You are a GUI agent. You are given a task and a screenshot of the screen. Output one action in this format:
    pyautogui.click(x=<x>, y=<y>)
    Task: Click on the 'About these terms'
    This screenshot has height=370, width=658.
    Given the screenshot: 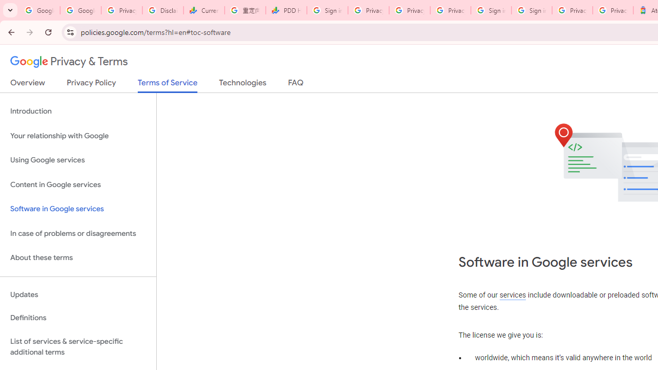 What is the action you would take?
    pyautogui.click(x=78, y=257)
    